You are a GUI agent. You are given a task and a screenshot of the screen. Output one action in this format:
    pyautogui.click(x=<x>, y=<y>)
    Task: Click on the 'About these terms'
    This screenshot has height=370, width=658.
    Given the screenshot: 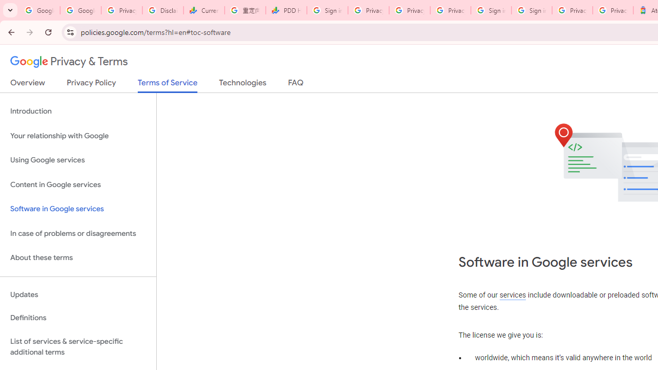 What is the action you would take?
    pyautogui.click(x=78, y=257)
    